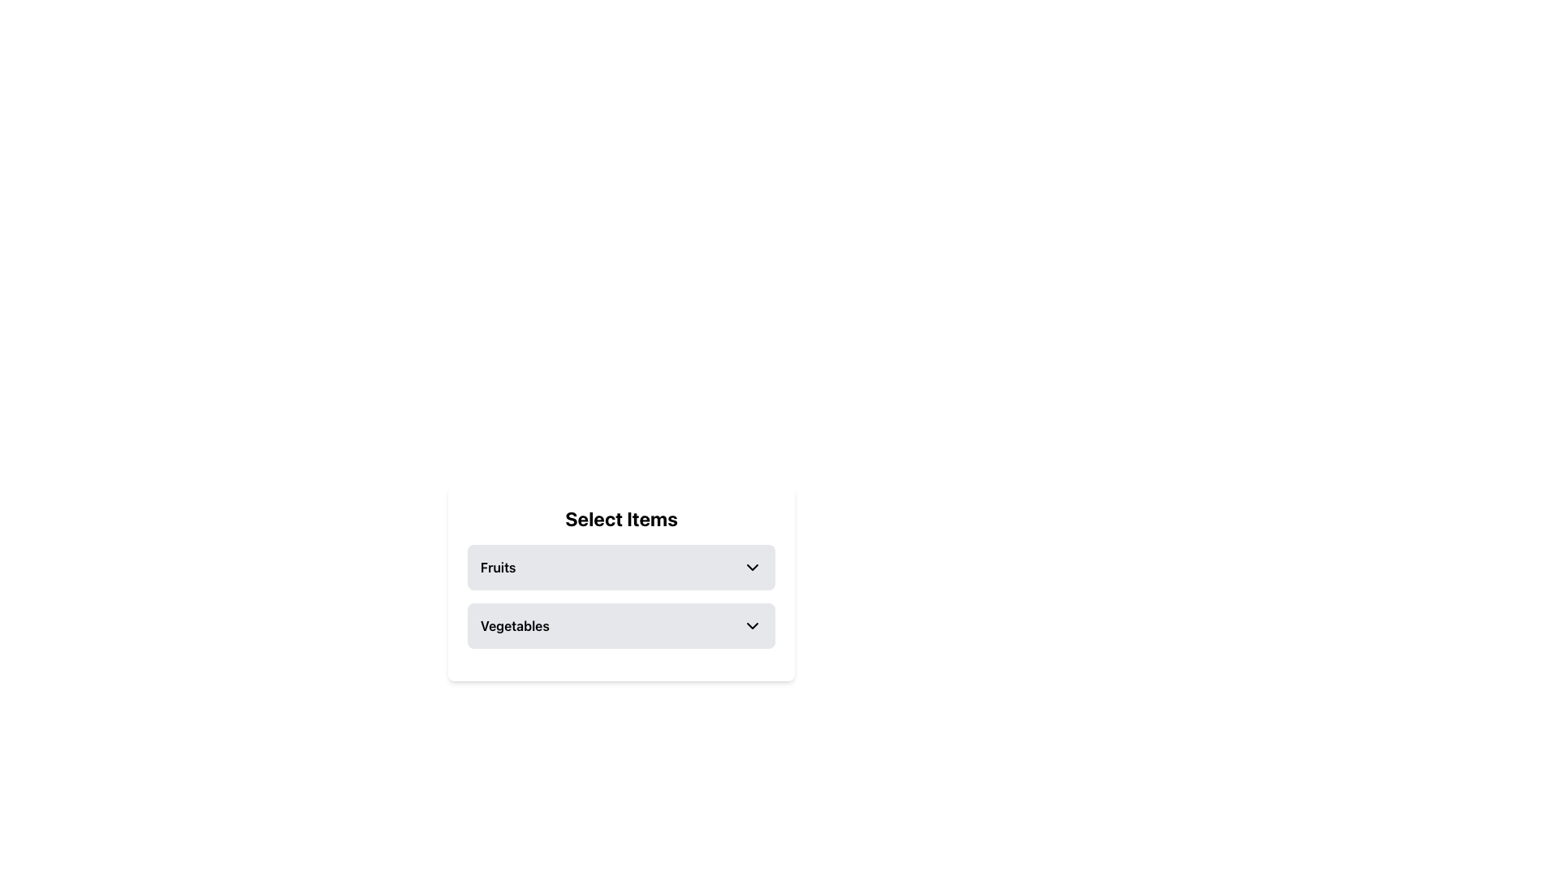  I want to click on the dropdown menu within the 'Select Items' panel, so click(620, 582).